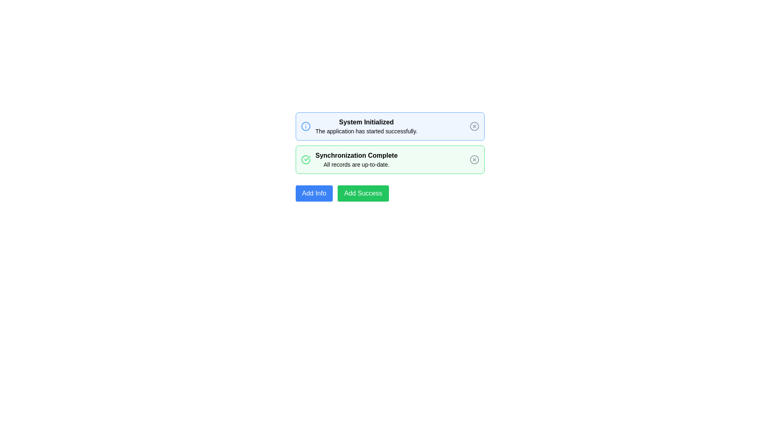 The height and width of the screenshot is (439, 782). What do you see at coordinates (474, 126) in the screenshot?
I see `the circular close button with a cross symbol located on the right side of the blue notification box titled 'System Initialized' to trigger the hover color change effect` at bounding box center [474, 126].